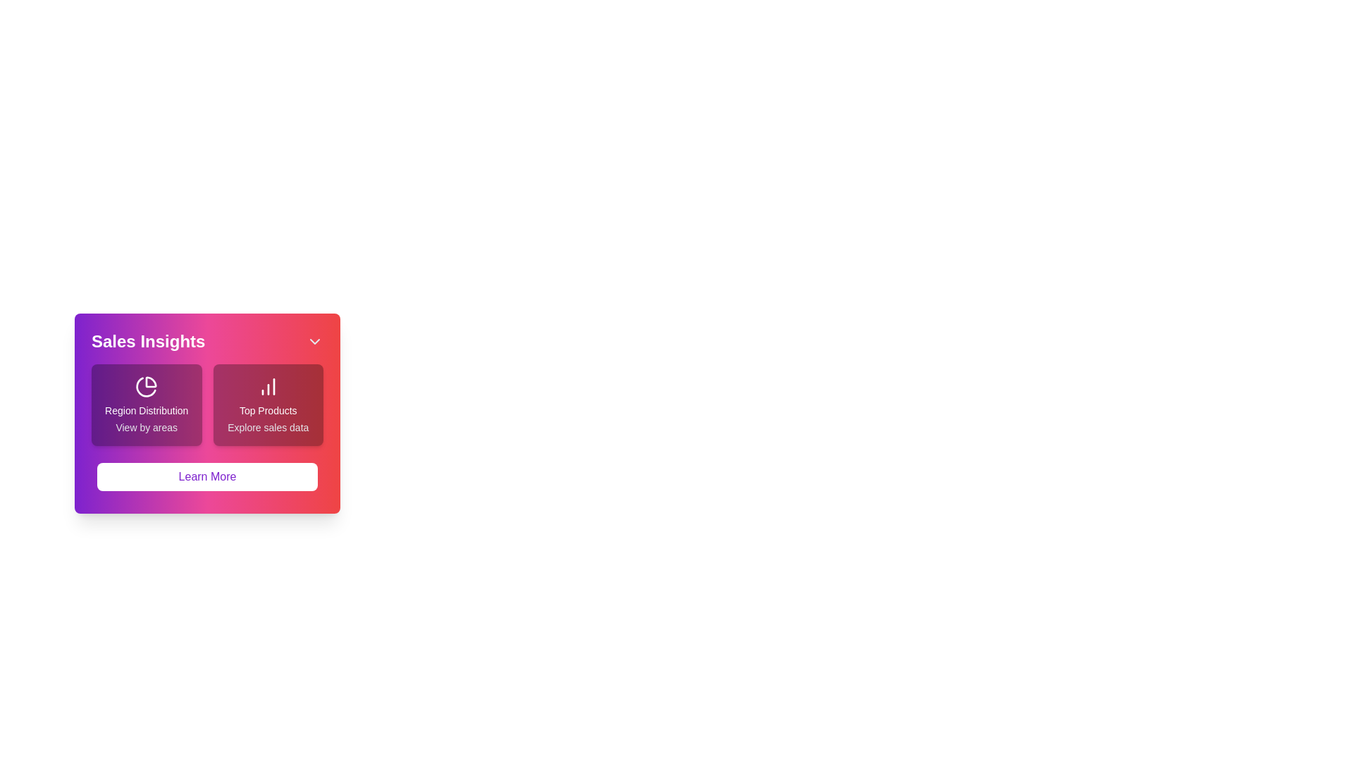 This screenshot has width=1353, height=761. Describe the element at coordinates (268, 410) in the screenshot. I see `the 'Top Products' text label, which is a smaller text with medium font weight, located between the data visualization icon and the 'Explore sales data' text` at that location.